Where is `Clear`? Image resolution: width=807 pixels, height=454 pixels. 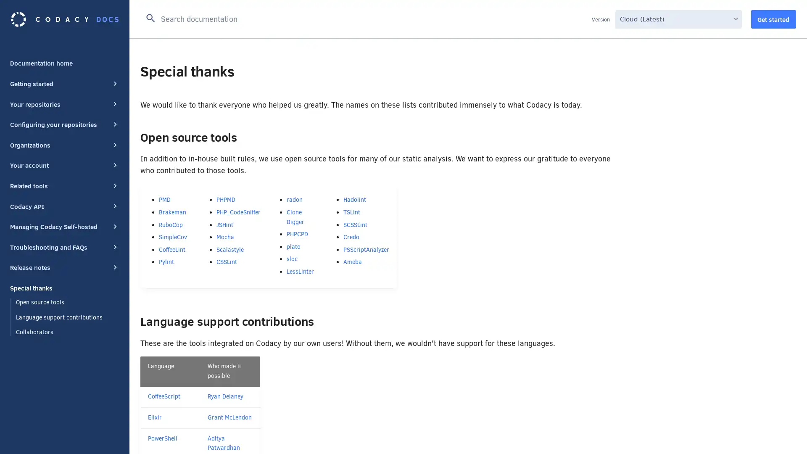 Clear is located at coordinates (581, 18).